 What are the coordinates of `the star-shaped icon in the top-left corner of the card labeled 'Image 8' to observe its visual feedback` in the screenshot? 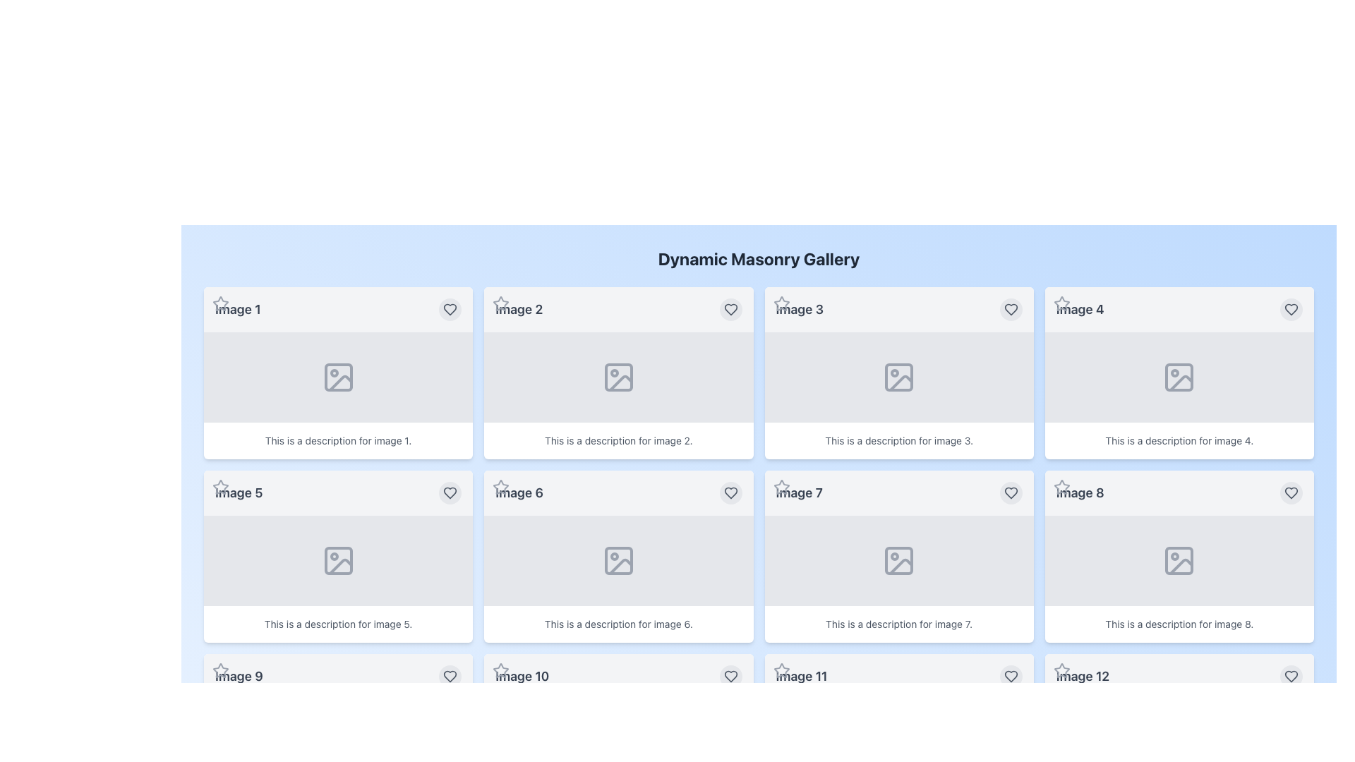 It's located at (1061, 486).